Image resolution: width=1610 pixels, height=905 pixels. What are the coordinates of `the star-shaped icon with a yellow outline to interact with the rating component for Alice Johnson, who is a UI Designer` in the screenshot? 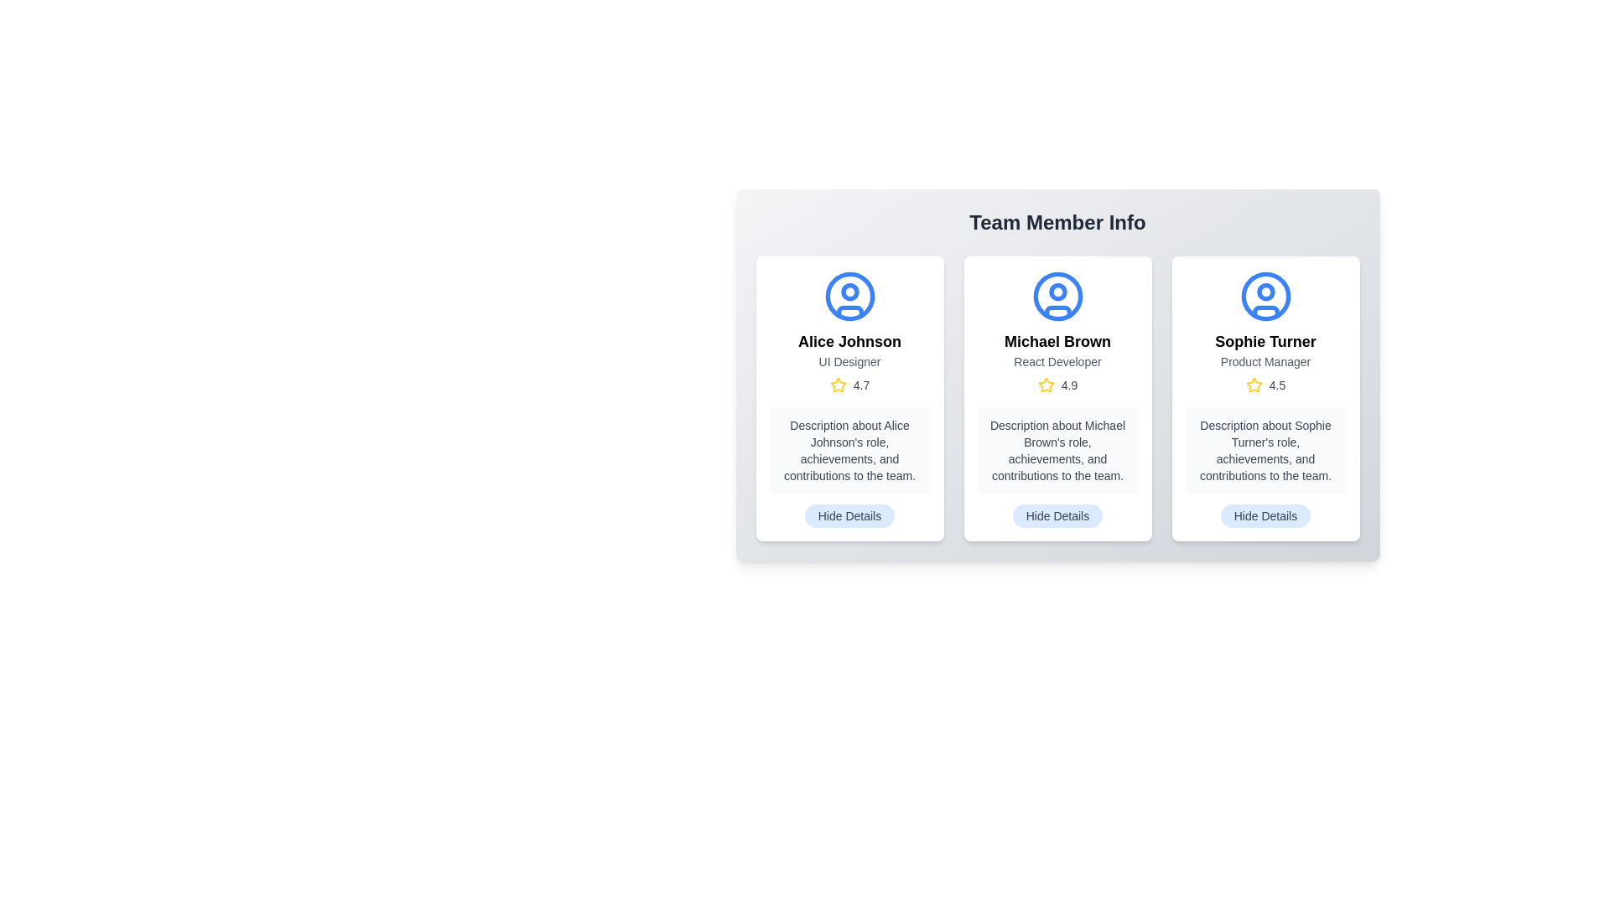 It's located at (838, 385).